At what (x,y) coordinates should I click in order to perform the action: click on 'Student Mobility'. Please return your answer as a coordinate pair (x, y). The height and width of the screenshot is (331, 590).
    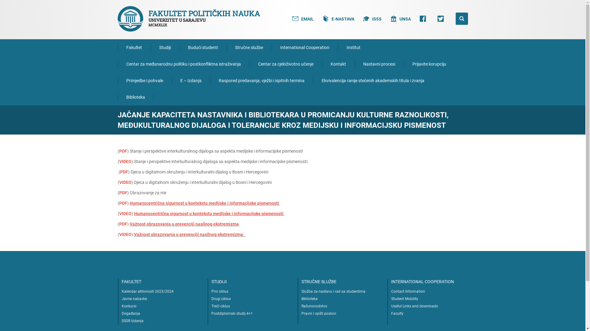
    Looking at the image, I should click on (404, 299).